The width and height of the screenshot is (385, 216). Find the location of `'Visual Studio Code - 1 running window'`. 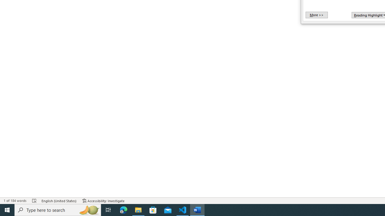

'Visual Studio Code - 1 running window' is located at coordinates (182, 209).